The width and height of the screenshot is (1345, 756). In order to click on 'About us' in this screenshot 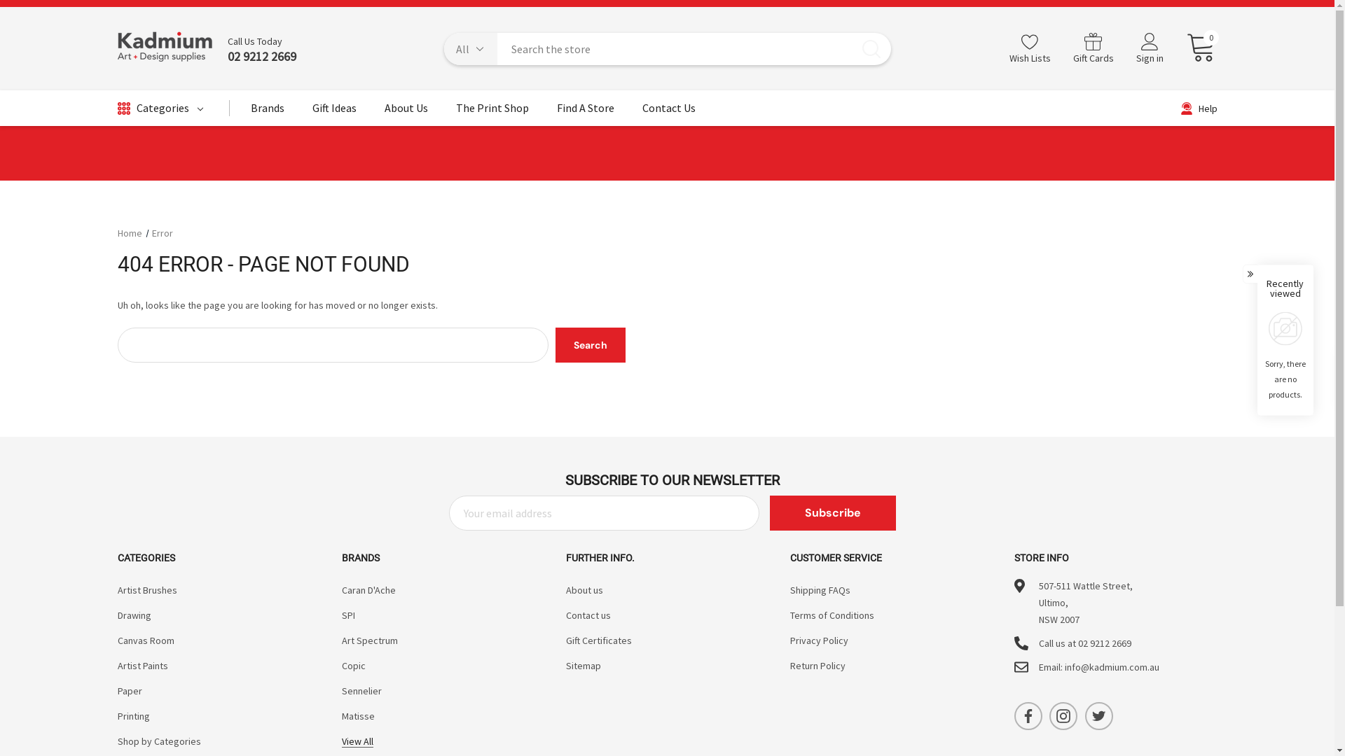, I will do `click(584, 590)`.